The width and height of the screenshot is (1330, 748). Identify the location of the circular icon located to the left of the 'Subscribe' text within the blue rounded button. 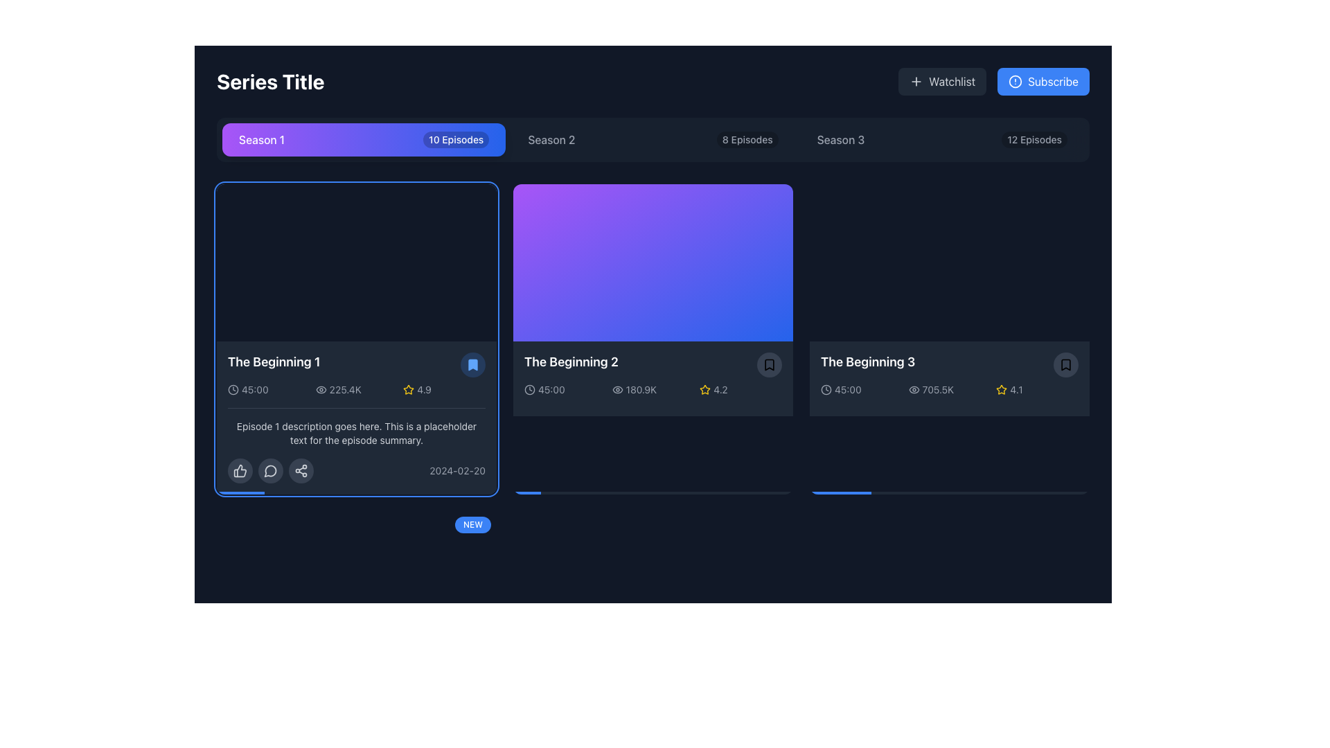
(1016, 82).